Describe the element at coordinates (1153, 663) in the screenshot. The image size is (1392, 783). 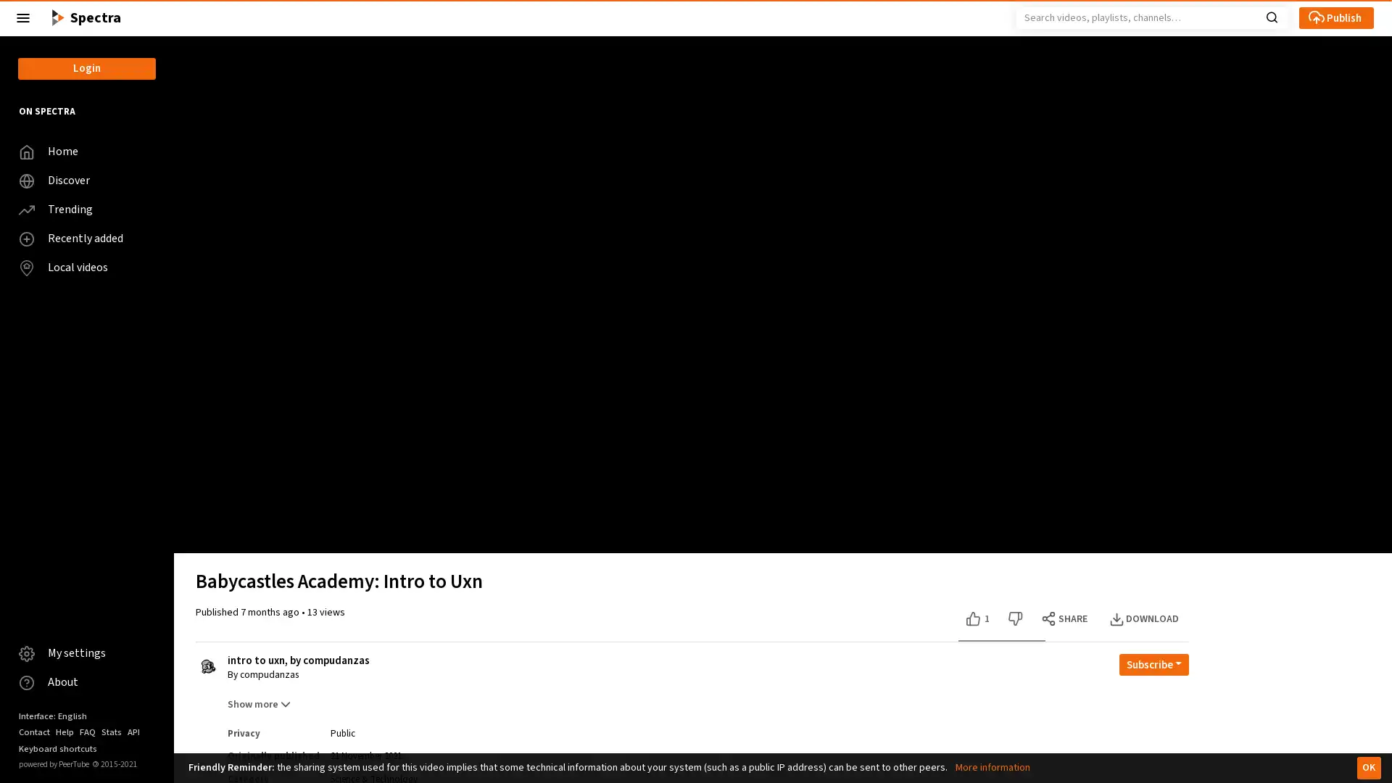
I see `Open subscription dropdown` at that location.